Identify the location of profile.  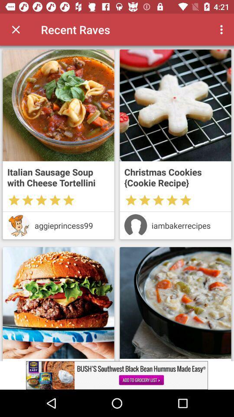
(136, 225).